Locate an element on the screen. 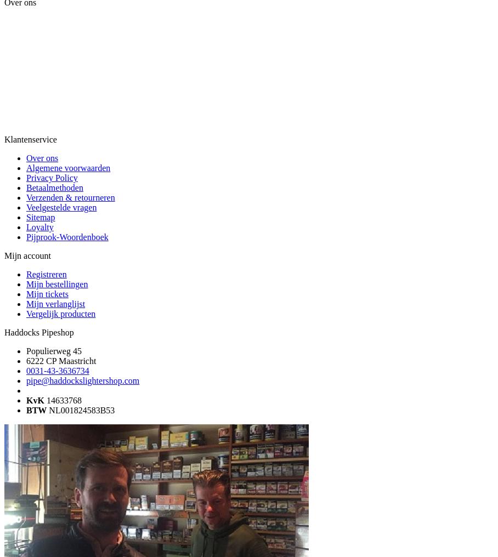  'Sitemap' is located at coordinates (41, 217).